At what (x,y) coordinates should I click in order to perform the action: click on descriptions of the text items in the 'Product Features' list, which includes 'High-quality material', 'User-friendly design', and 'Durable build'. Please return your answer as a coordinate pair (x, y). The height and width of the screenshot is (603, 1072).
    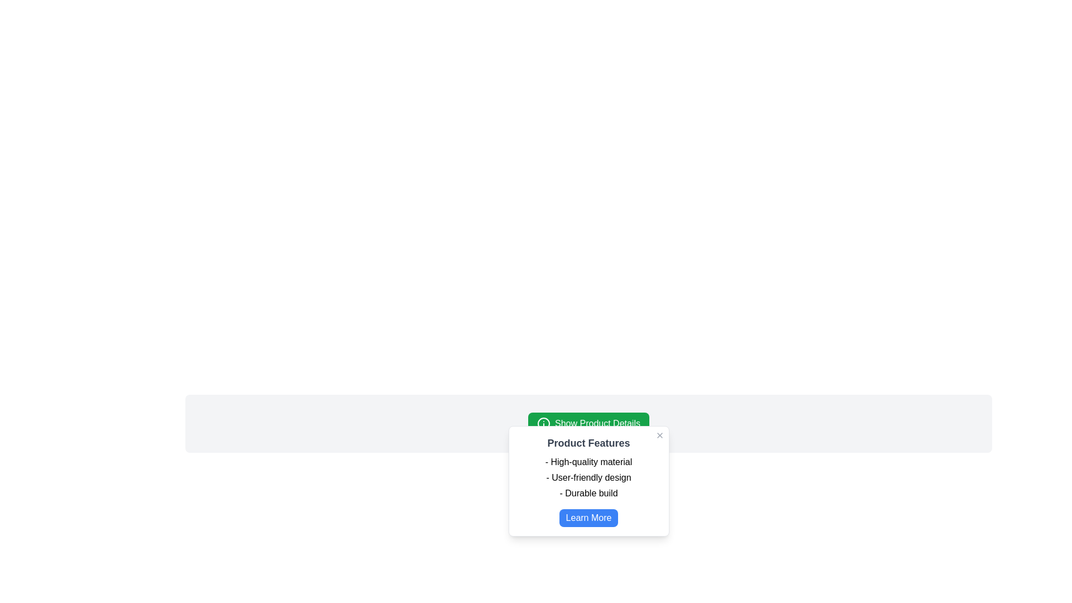
    Looking at the image, I should click on (588, 477).